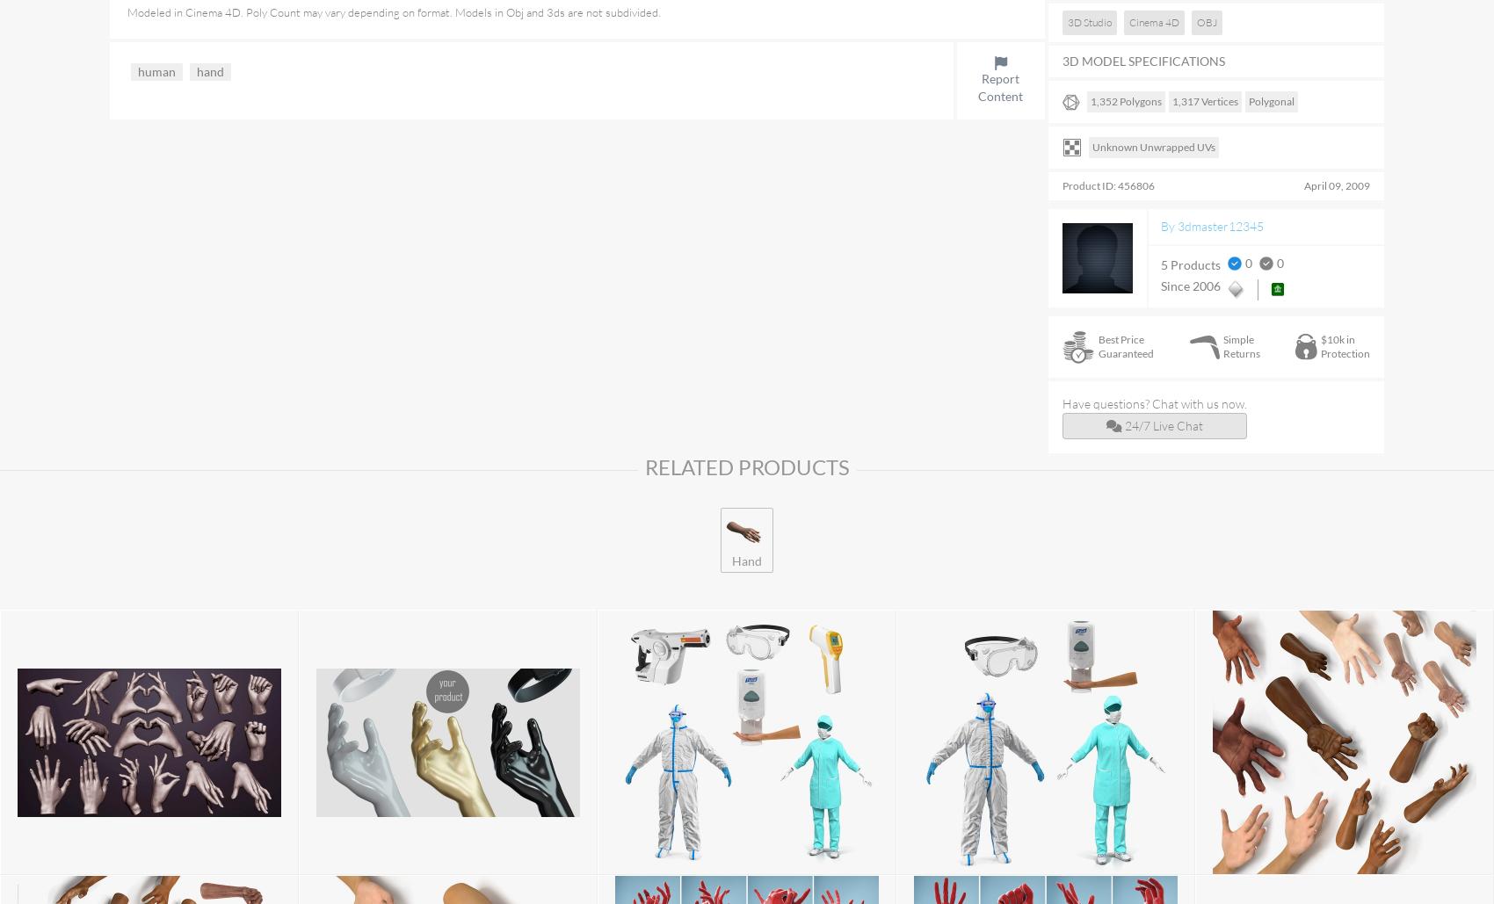  I want to click on 'Have questions? Chat with us now.', so click(1062, 403).